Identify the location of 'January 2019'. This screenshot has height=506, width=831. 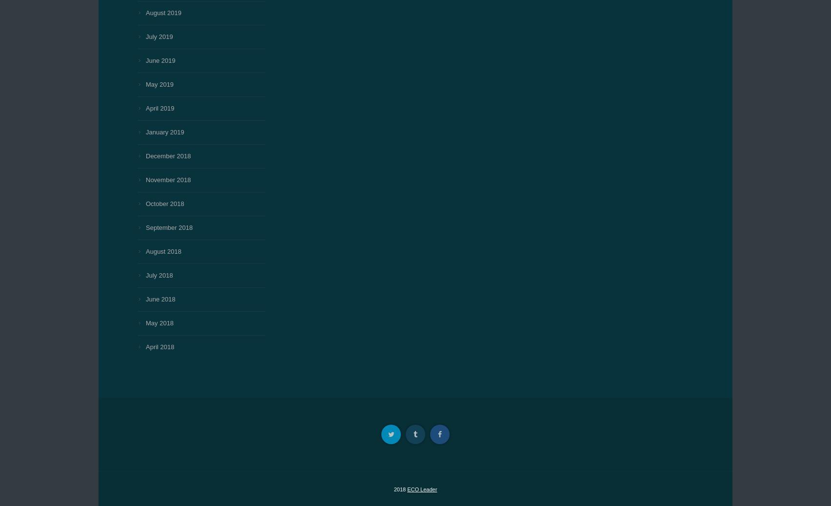
(164, 132).